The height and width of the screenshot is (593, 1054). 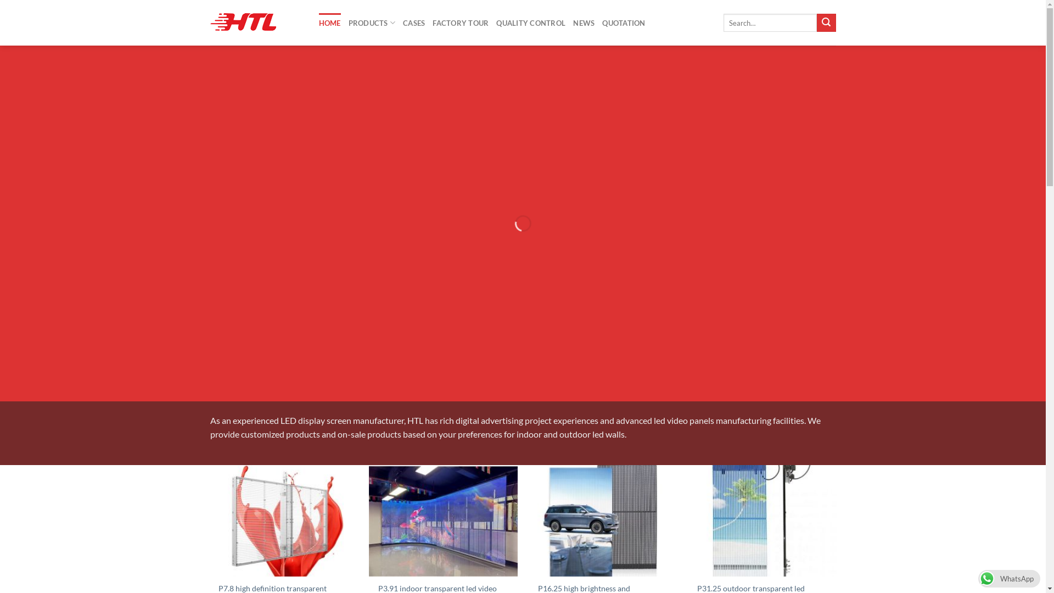 I want to click on 'PRODUCTS', so click(x=372, y=23).